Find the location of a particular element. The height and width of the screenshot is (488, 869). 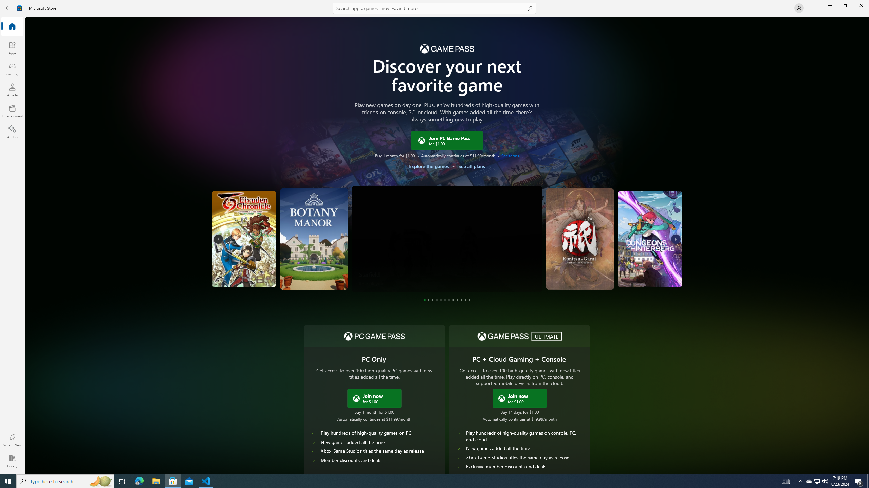

'Library' is located at coordinates (12, 461).